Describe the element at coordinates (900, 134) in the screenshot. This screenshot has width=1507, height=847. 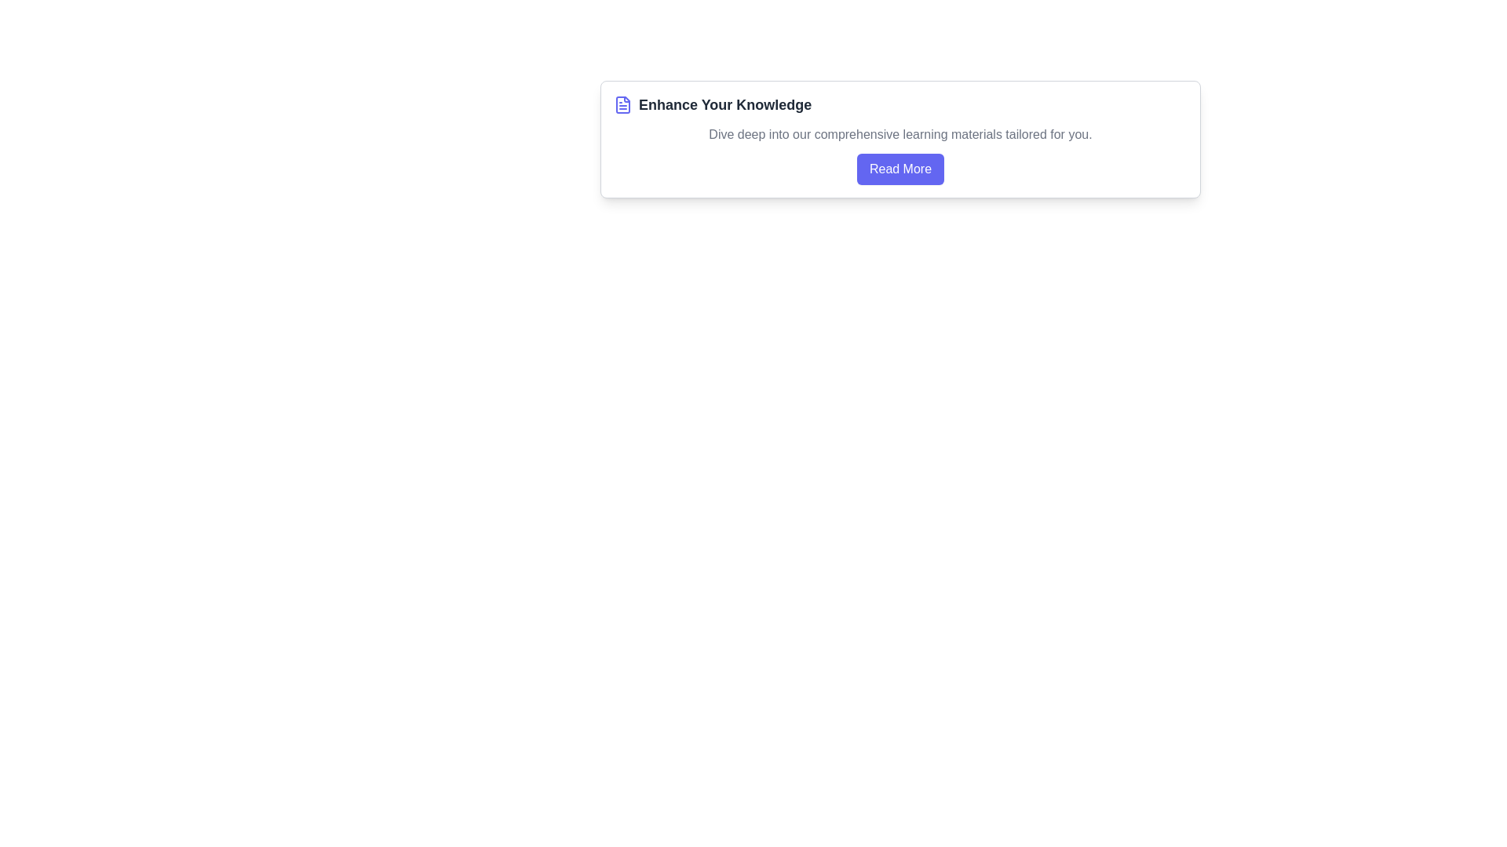
I see `text displayed in gray that says 'Dive deep into our comprehensive learning materials tailored for you.' located beneath the header 'Enhance Your Knowledge' and above the button labeled 'Read More'` at that location.